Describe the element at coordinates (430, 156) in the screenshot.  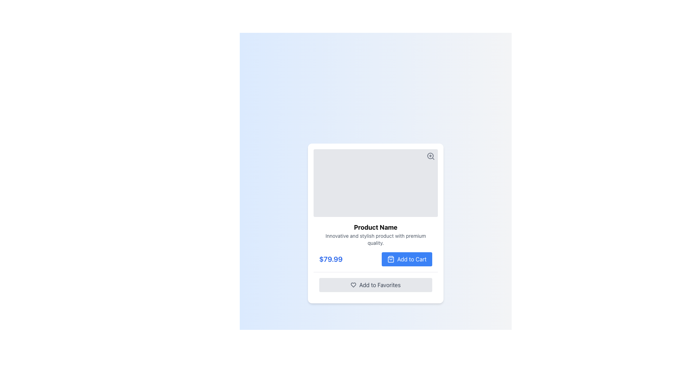
I see `the zoom-in icon located at the top-right corner of the rectangular card with a light gray background and rounded edges` at that location.